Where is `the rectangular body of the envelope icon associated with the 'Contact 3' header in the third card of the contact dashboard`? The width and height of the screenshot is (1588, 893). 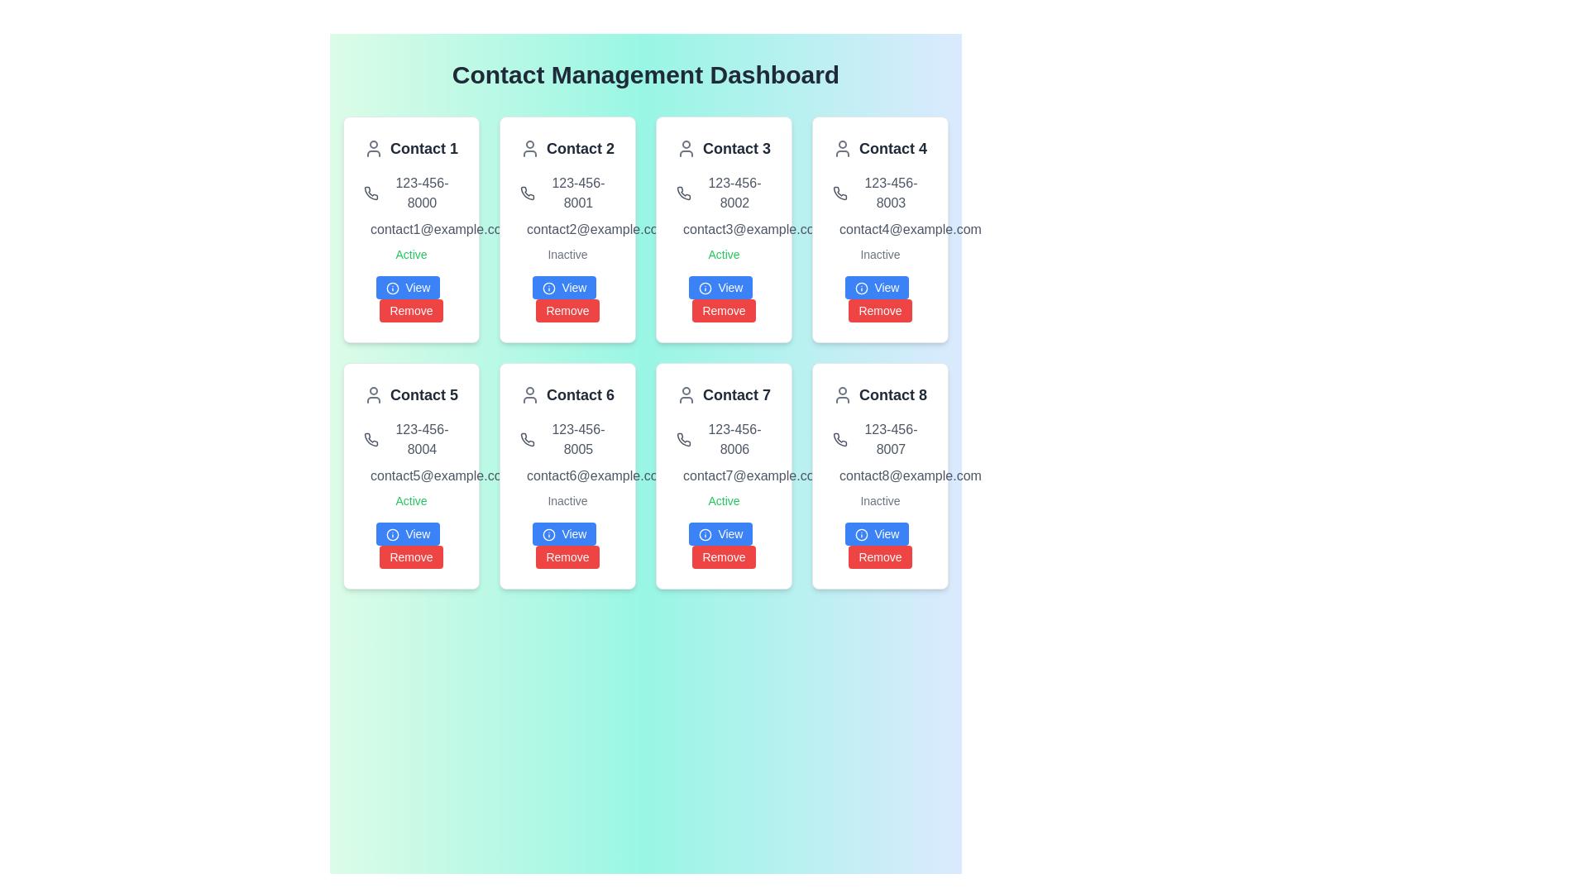 the rectangular body of the envelope icon associated with the 'Contact 3' header in the third card of the contact dashboard is located at coordinates (686, 232).